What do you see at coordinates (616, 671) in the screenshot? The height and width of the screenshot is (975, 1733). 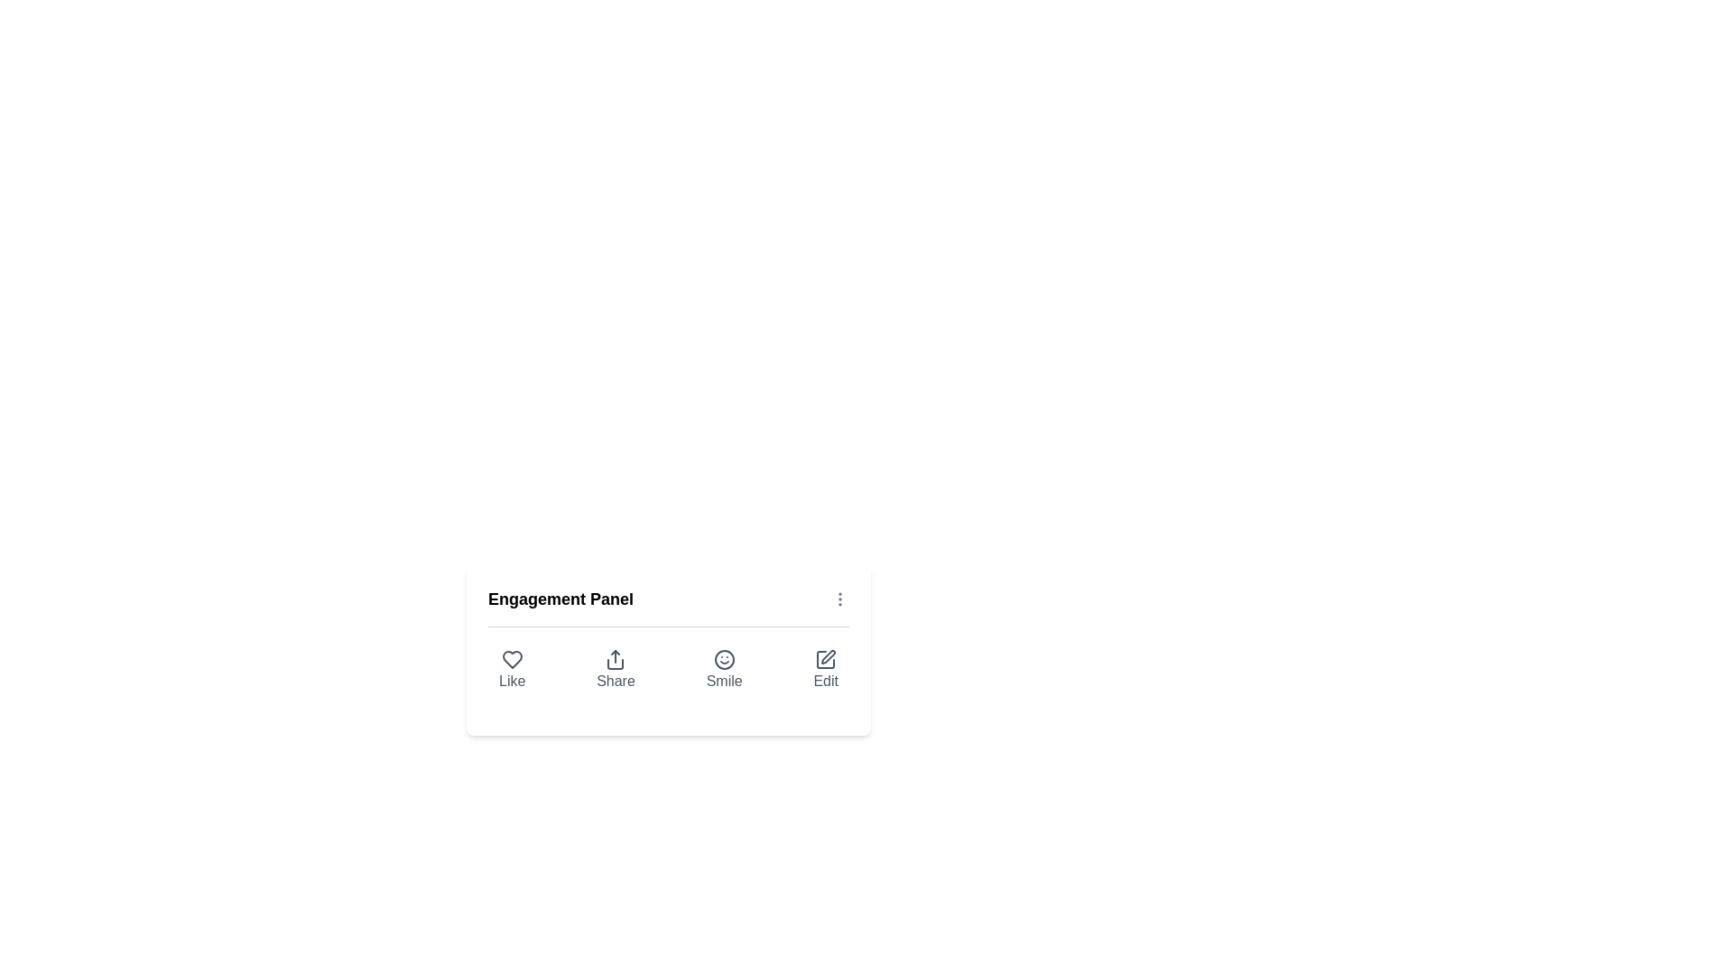 I see `the 'Share' button, which features a vertically stacked minimalist share icon above the centered text, located in the Engagement Panel between the 'Like' and 'Smile' buttons` at bounding box center [616, 671].